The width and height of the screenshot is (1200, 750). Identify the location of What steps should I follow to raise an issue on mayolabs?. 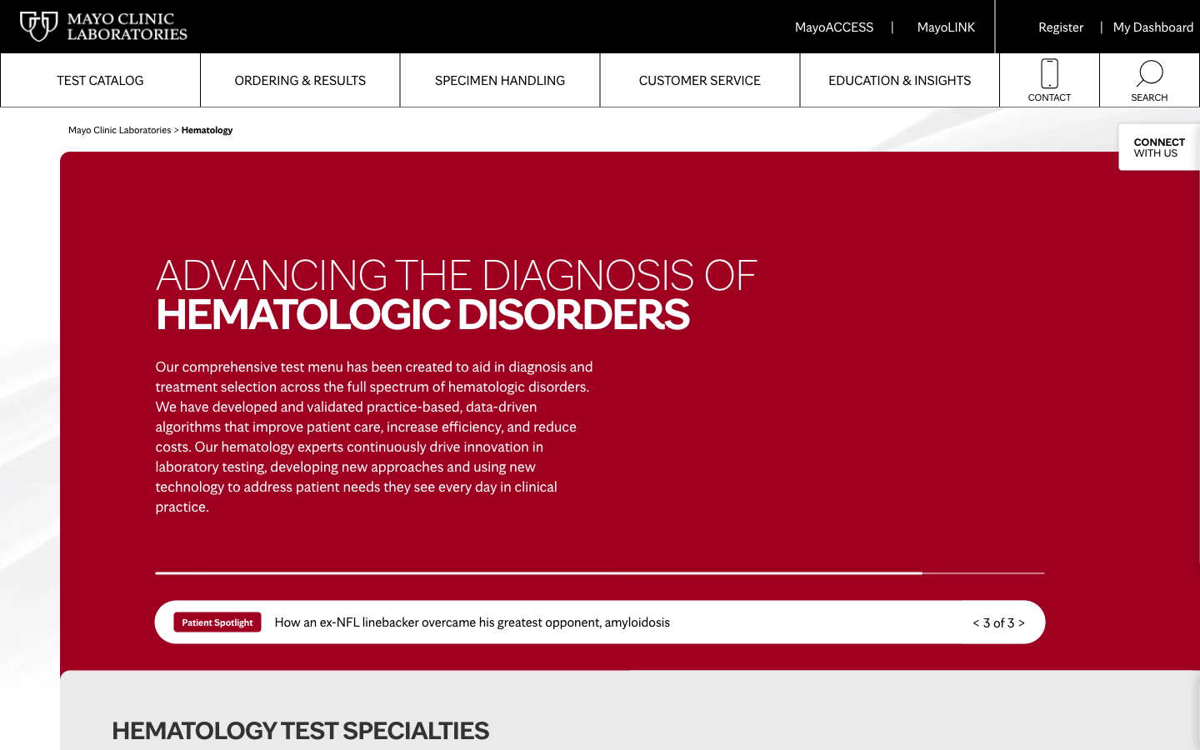
(699, 79).